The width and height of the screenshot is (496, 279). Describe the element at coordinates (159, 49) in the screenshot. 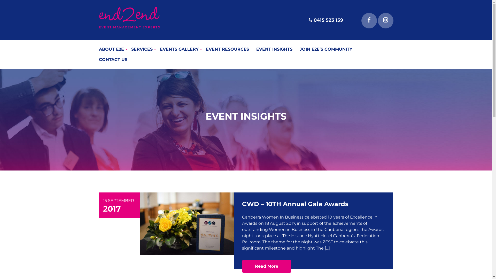

I see `'EVENTS GALLERY'` at that location.